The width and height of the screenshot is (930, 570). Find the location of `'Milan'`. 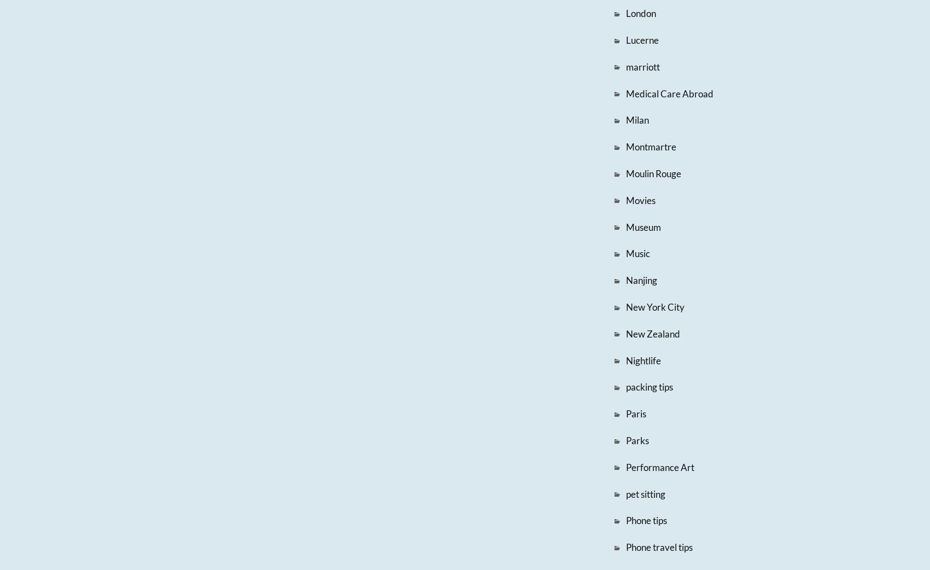

'Milan' is located at coordinates (636, 119).